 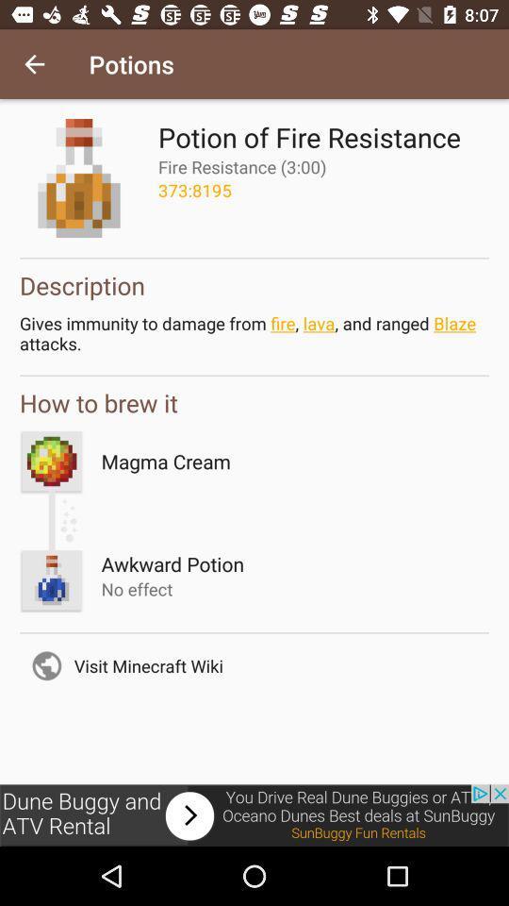 What do you see at coordinates (52, 579) in the screenshot?
I see `the avatar icon` at bounding box center [52, 579].